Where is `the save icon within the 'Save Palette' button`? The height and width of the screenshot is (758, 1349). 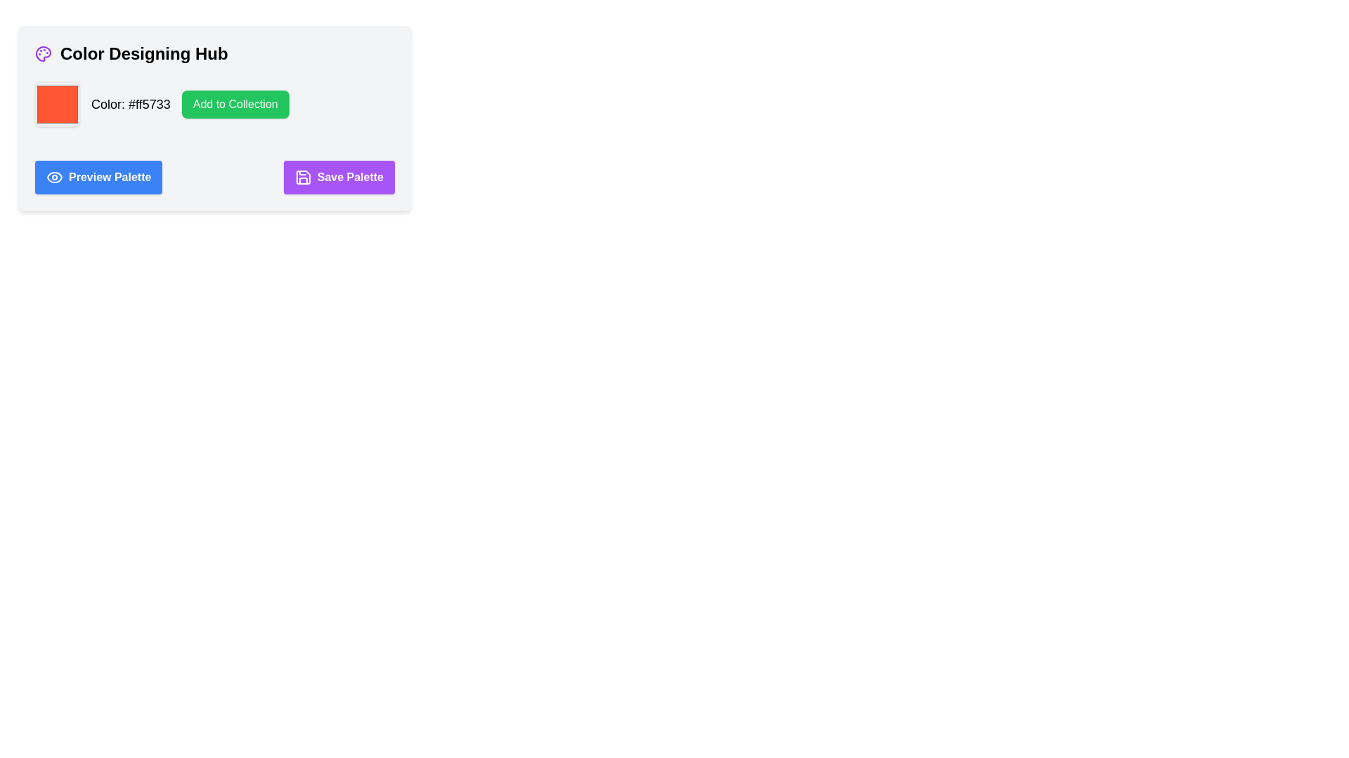 the save icon within the 'Save Palette' button is located at coordinates (302, 177).